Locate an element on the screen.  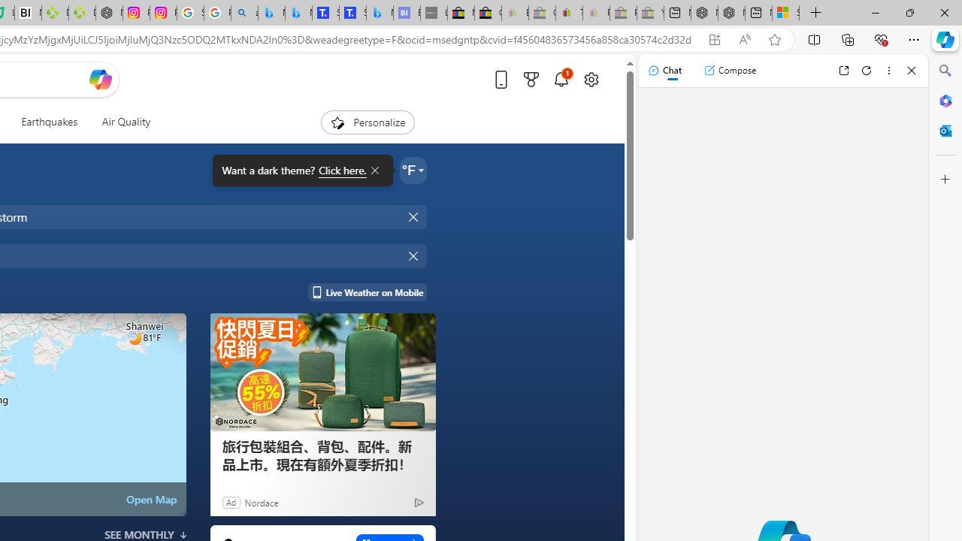
'Press Room - eBay Inc. - Sleeping' is located at coordinates (623, 13).